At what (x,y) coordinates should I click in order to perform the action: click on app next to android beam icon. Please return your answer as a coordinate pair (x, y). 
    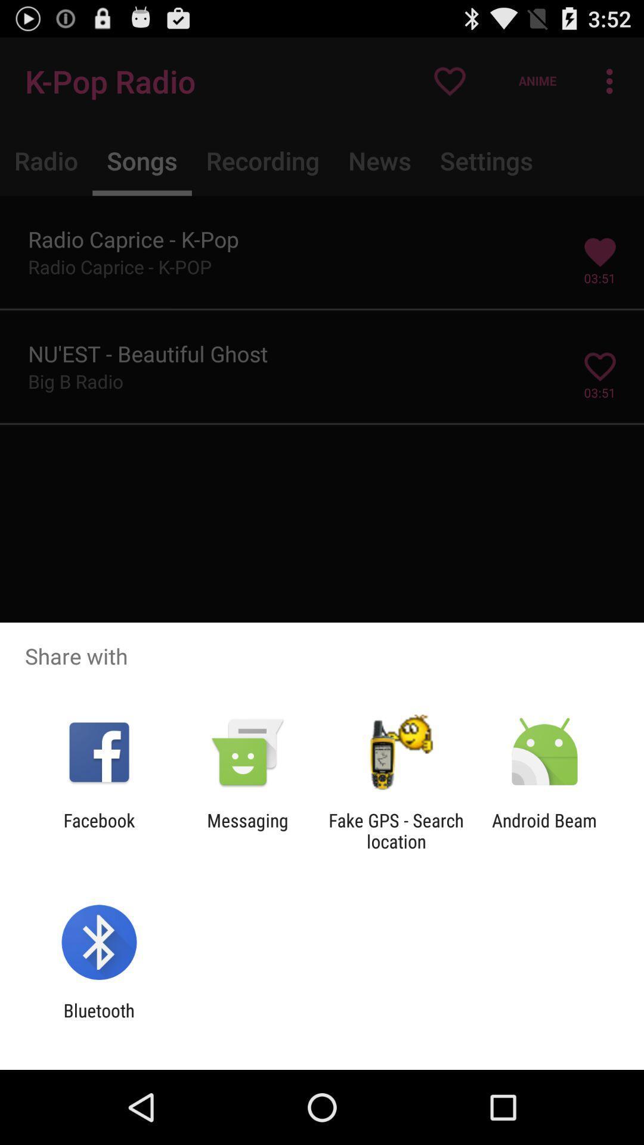
    Looking at the image, I should click on (396, 830).